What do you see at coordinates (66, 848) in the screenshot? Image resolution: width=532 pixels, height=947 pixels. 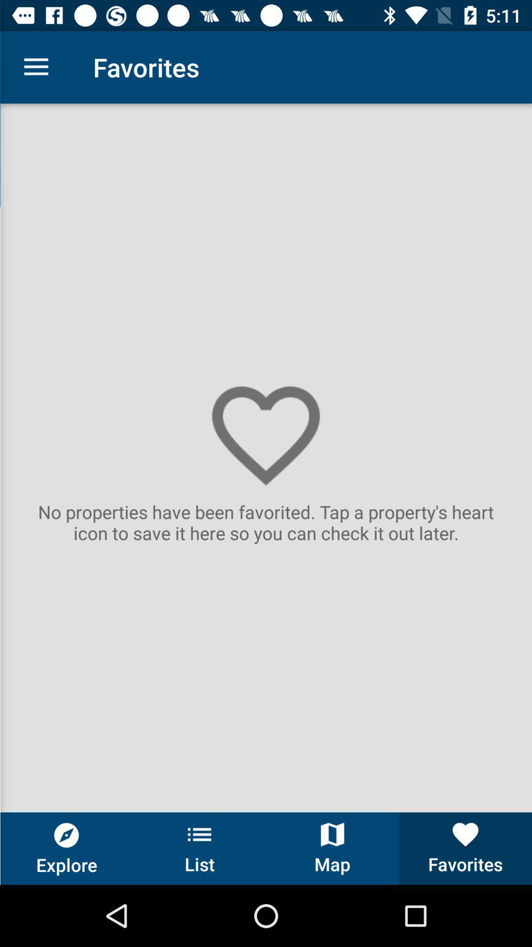 I see `item at the bottom left corner` at bounding box center [66, 848].